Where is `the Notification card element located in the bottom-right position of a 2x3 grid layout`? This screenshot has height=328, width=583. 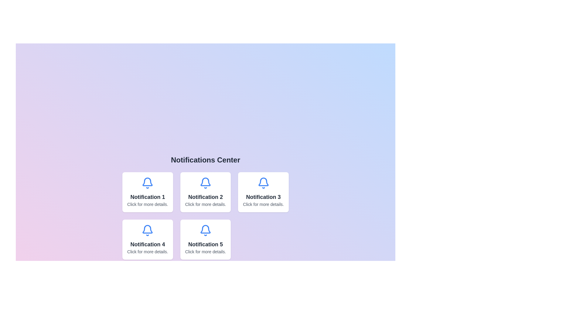 the Notification card element located in the bottom-right position of a 2x3 grid layout is located at coordinates (205, 239).